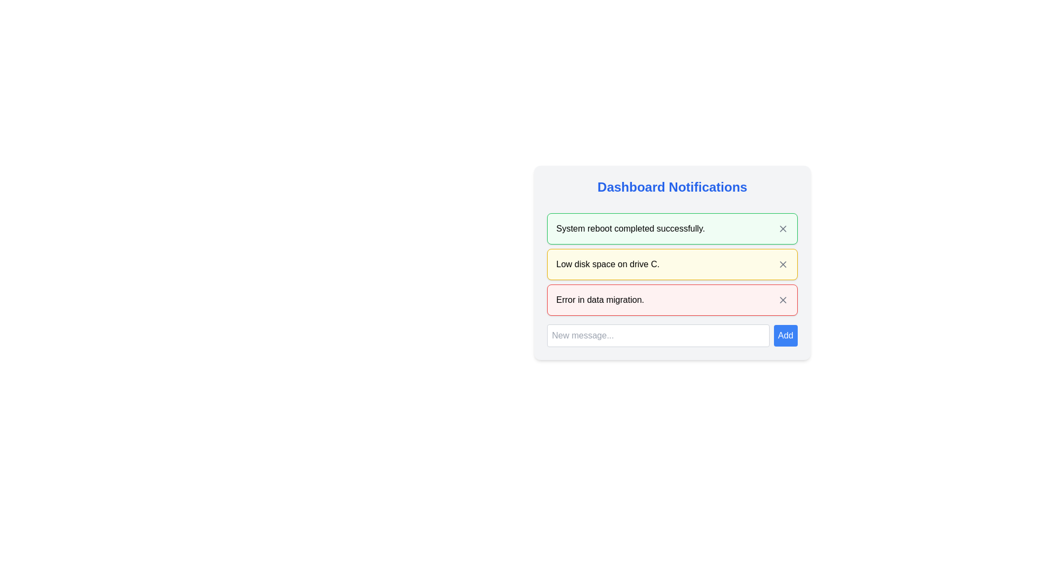 This screenshot has height=583, width=1037. What do you see at coordinates (608, 264) in the screenshot?
I see `warning message about low disk space on drive C, which is centrally located below the 'System reboot completed successfully.' notification in the dashboard interface` at bounding box center [608, 264].